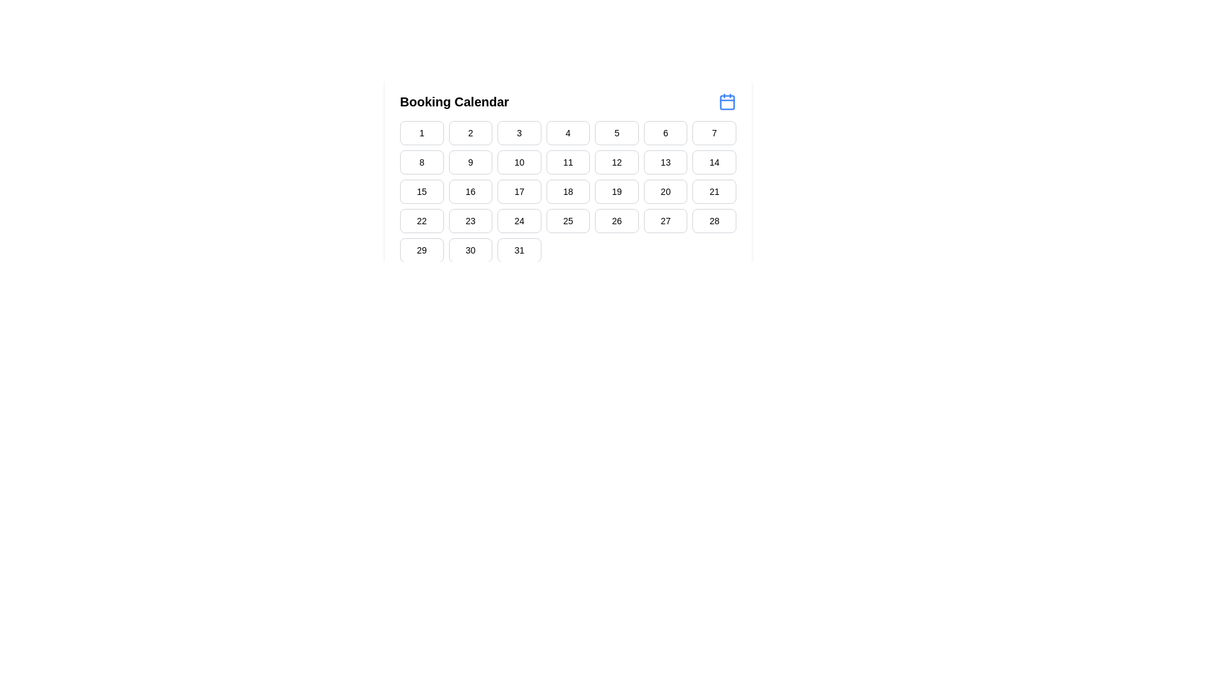  Describe the element at coordinates (665, 220) in the screenshot. I see `the button representing the 27th day in the calendar interface` at that location.